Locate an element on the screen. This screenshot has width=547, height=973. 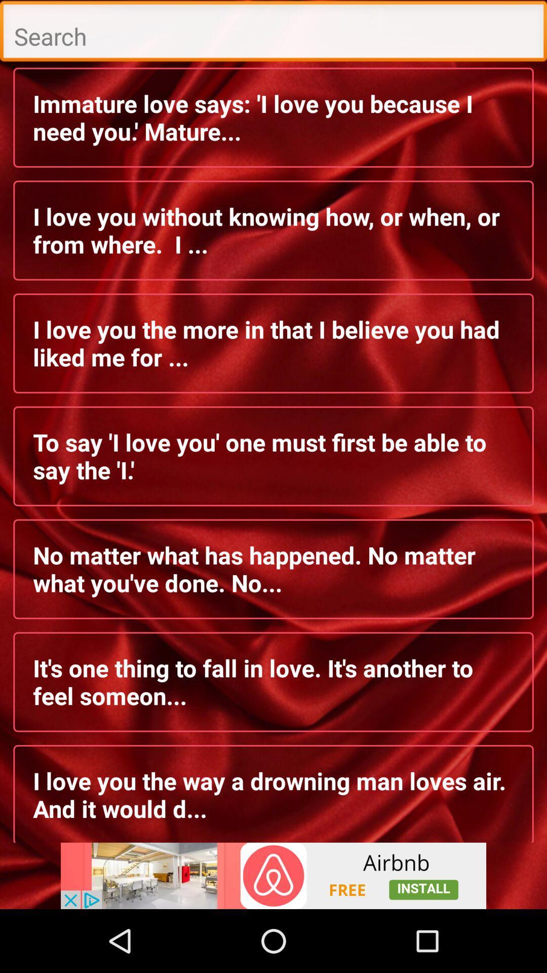
open advertisement is located at coordinates (273, 875).